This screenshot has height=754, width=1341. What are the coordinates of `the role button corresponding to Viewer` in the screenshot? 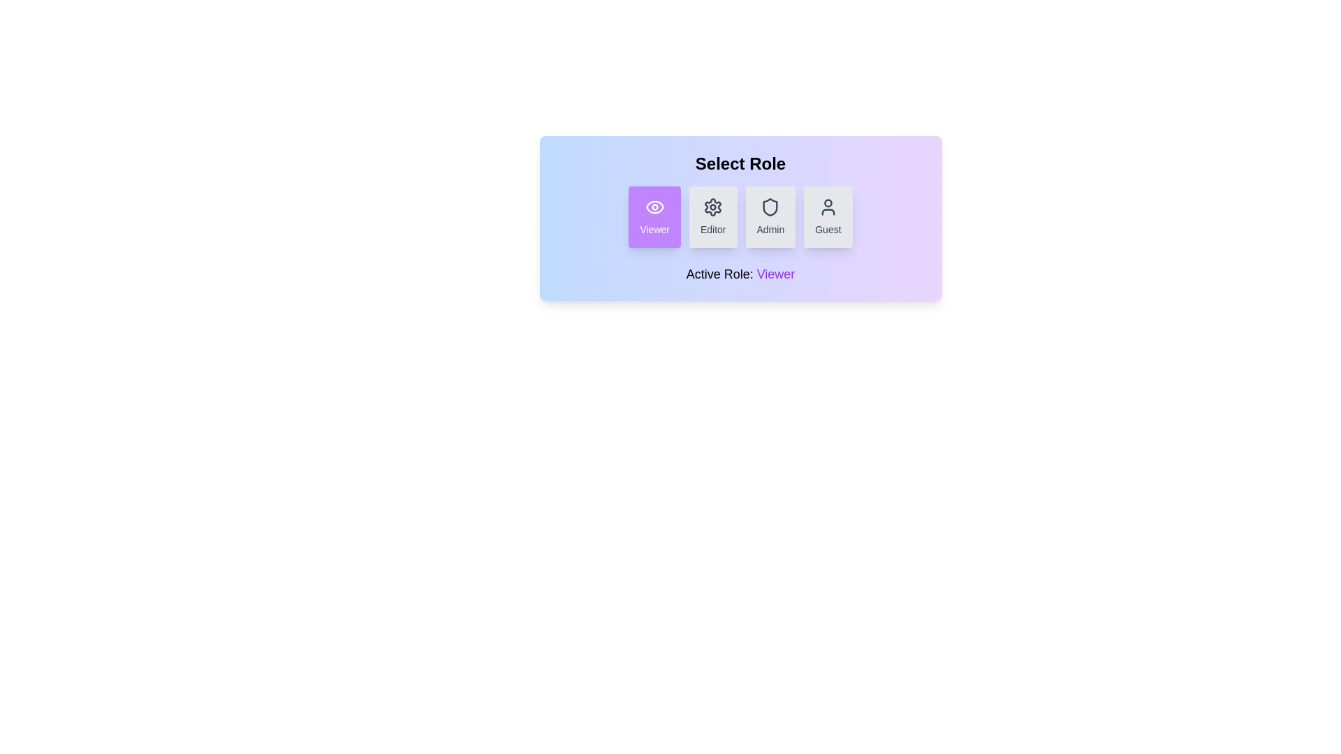 It's located at (653, 217).